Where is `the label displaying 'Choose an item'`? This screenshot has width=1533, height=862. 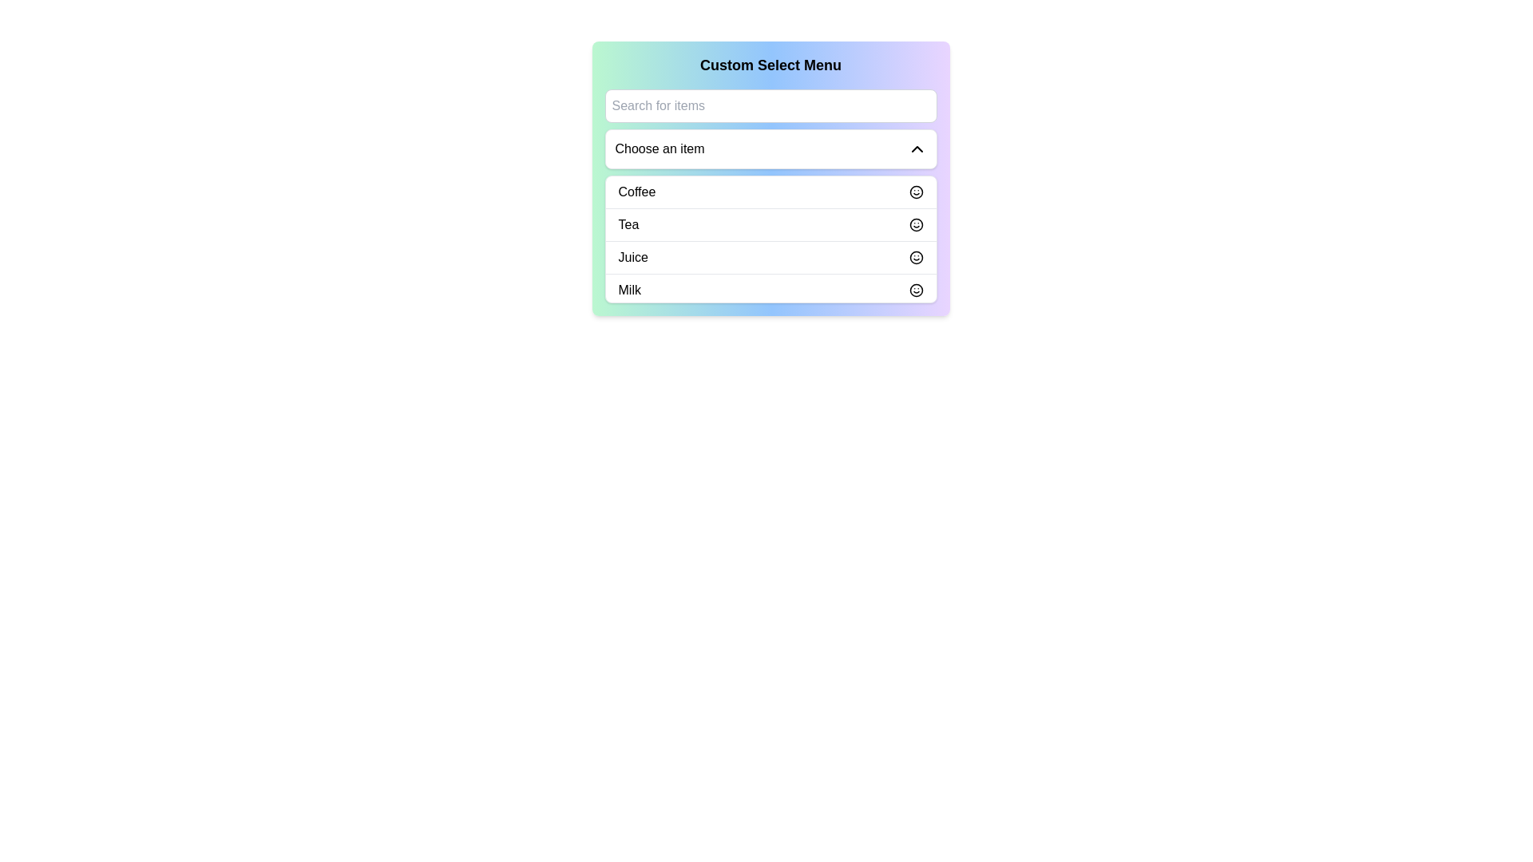
the label displaying 'Choose an item' is located at coordinates (660, 148).